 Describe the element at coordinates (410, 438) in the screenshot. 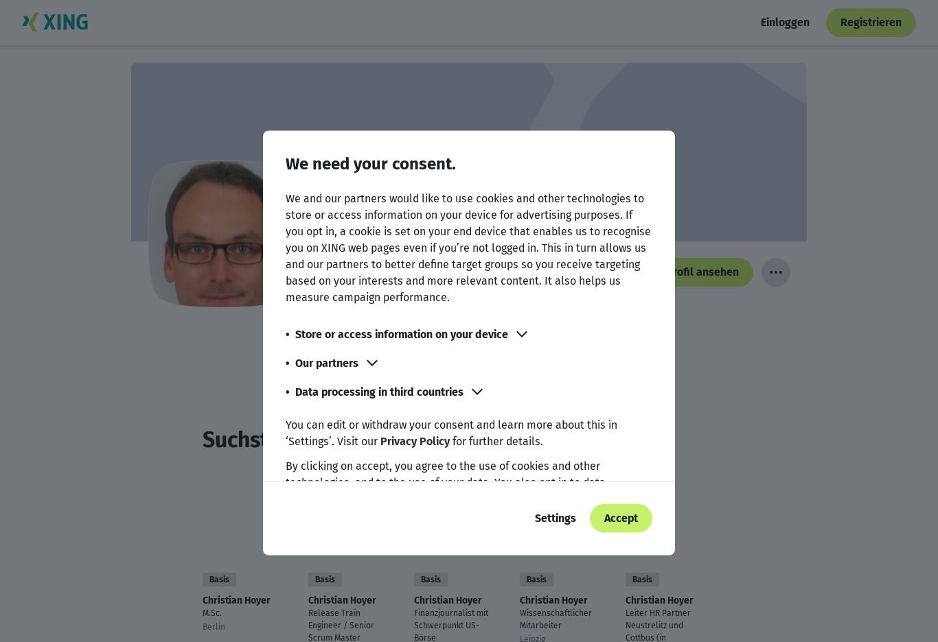

I see `'Suchst Du einen anderen Christian Hoyer?'` at that location.